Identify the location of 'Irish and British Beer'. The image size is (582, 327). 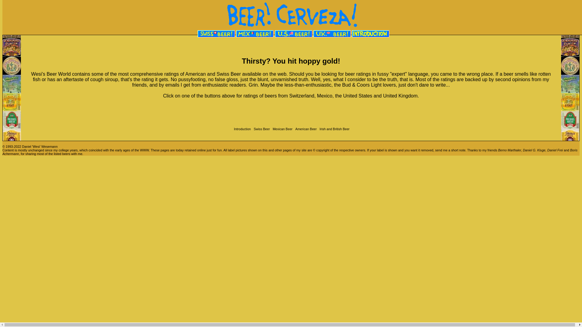
(333, 128).